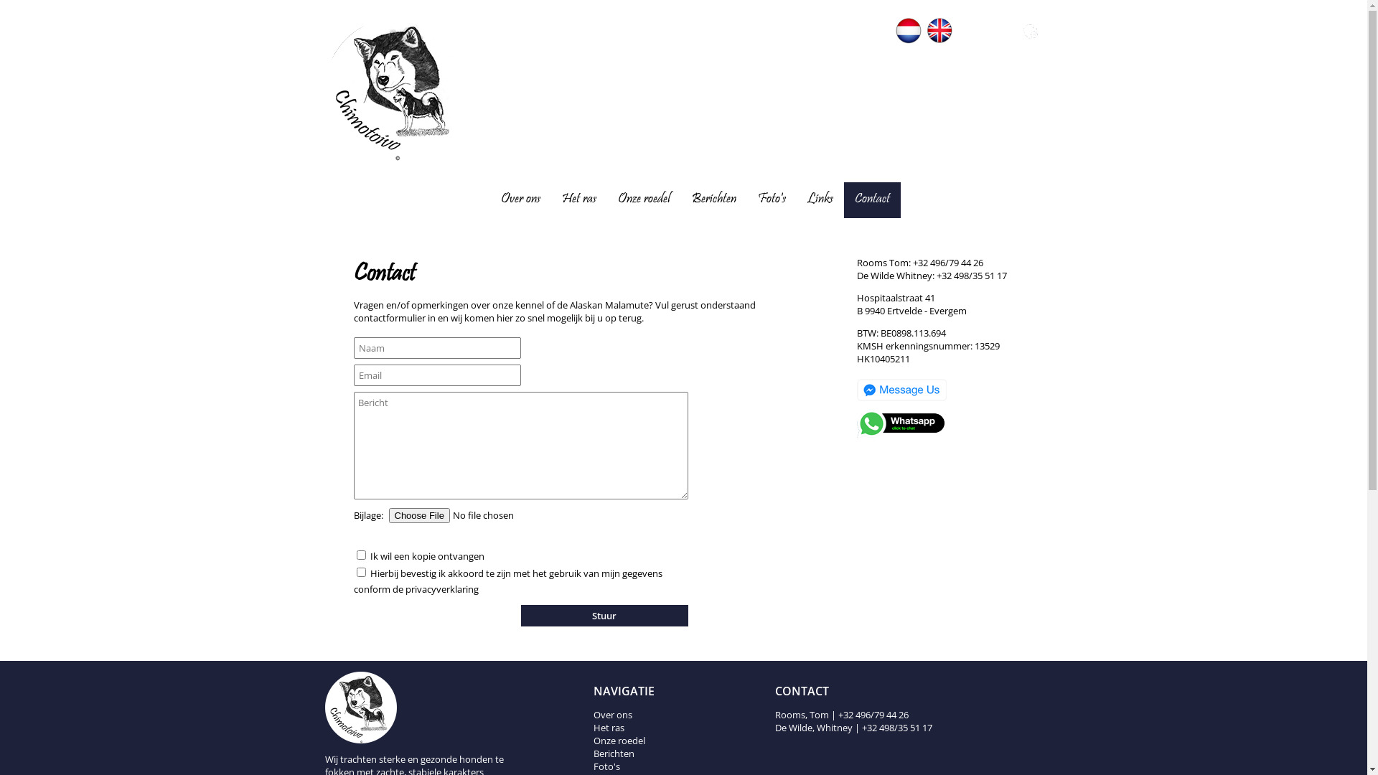 The image size is (1378, 775). What do you see at coordinates (323, 157) in the screenshot?
I see `'Chimotoivo Alaskan Malamute Kennel'` at bounding box center [323, 157].